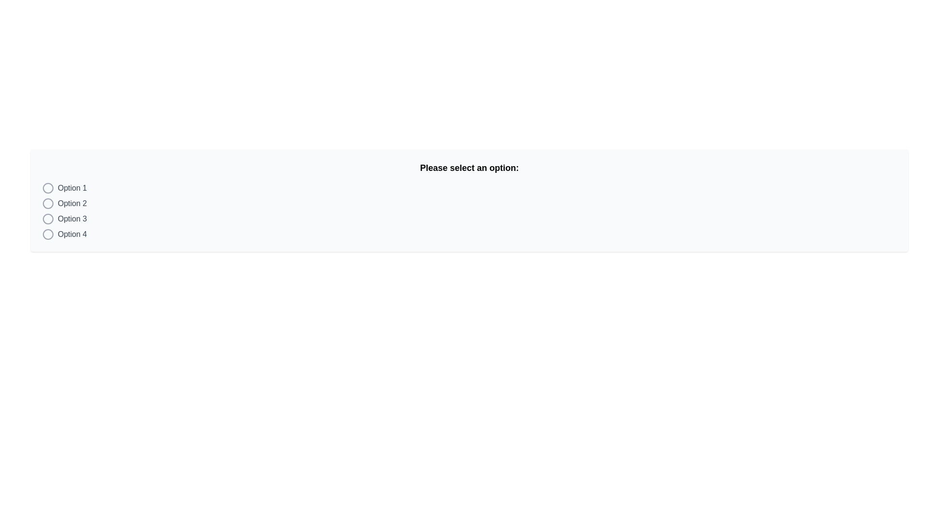  What do you see at coordinates (48, 188) in the screenshot?
I see `the radio button located to the left of the text 'Option 1'` at bounding box center [48, 188].